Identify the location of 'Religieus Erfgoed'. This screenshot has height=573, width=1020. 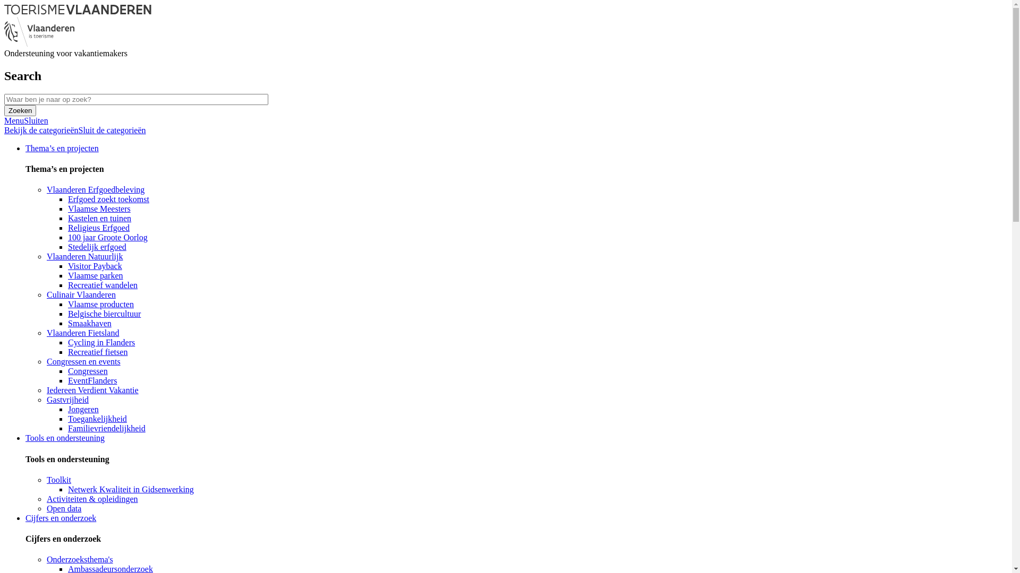
(99, 227).